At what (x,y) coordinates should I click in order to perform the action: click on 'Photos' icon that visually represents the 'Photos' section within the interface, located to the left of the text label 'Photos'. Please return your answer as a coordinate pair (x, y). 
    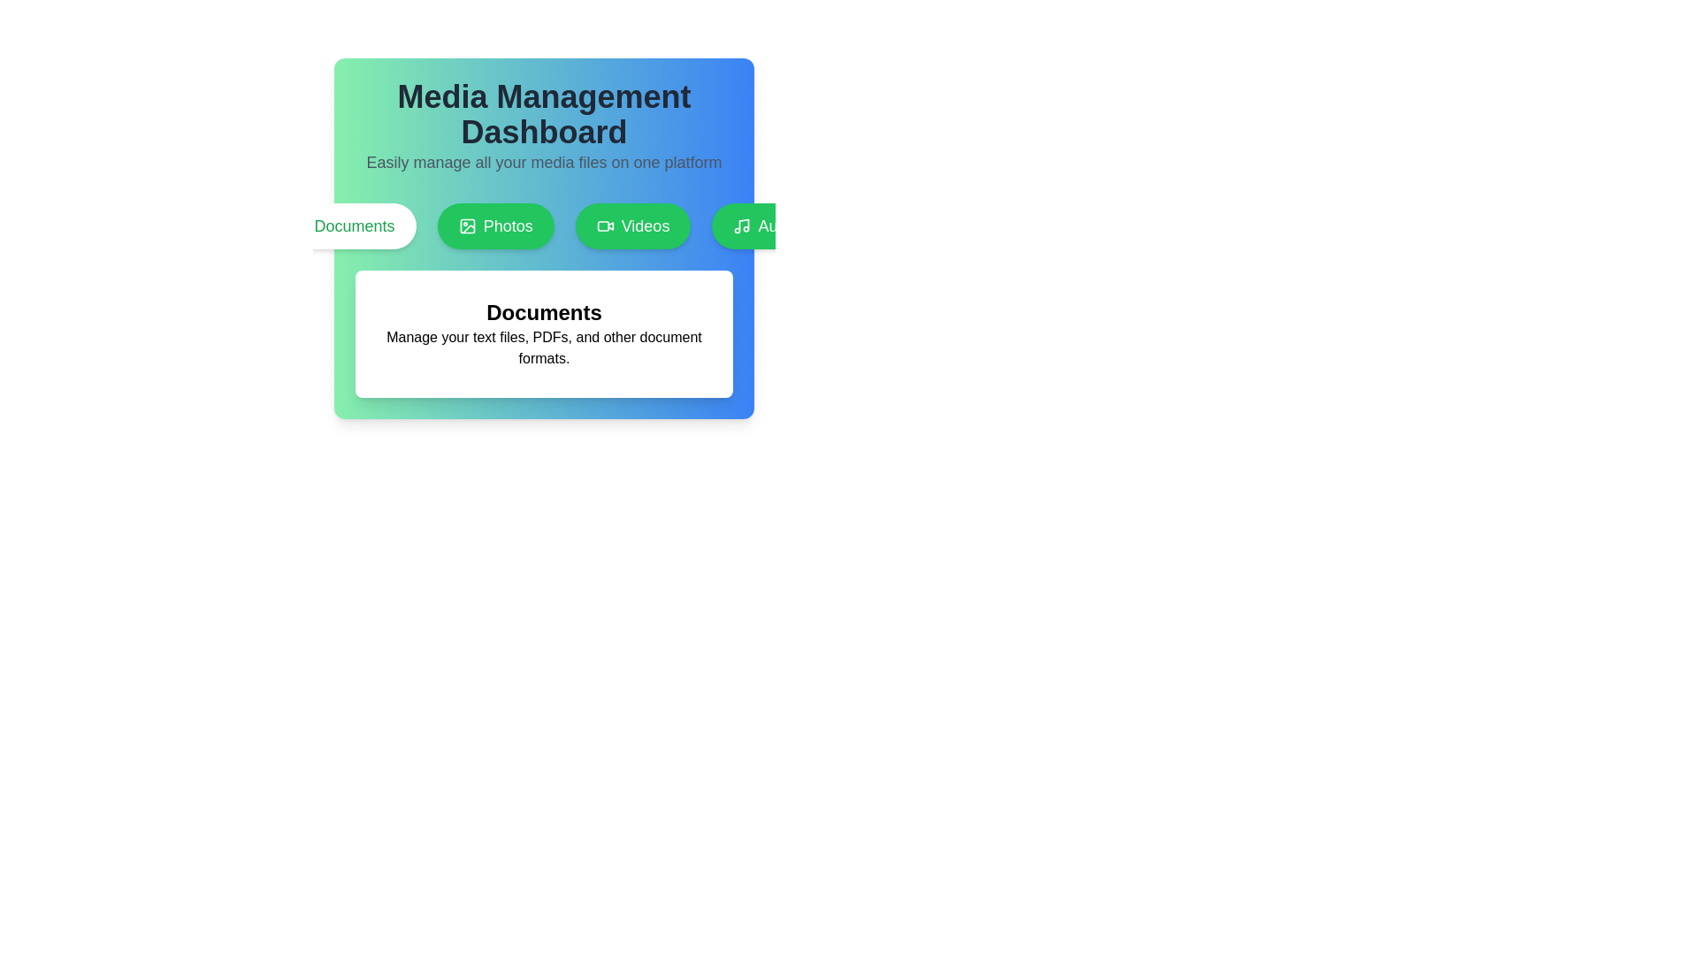
    Looking at the image, I should click on (467, 225).